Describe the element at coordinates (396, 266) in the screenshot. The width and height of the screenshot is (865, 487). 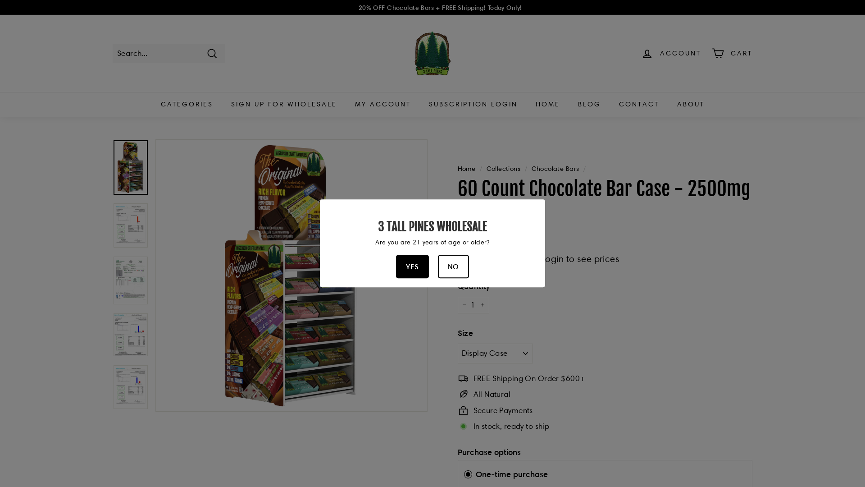
I see `'YES'` at that location.